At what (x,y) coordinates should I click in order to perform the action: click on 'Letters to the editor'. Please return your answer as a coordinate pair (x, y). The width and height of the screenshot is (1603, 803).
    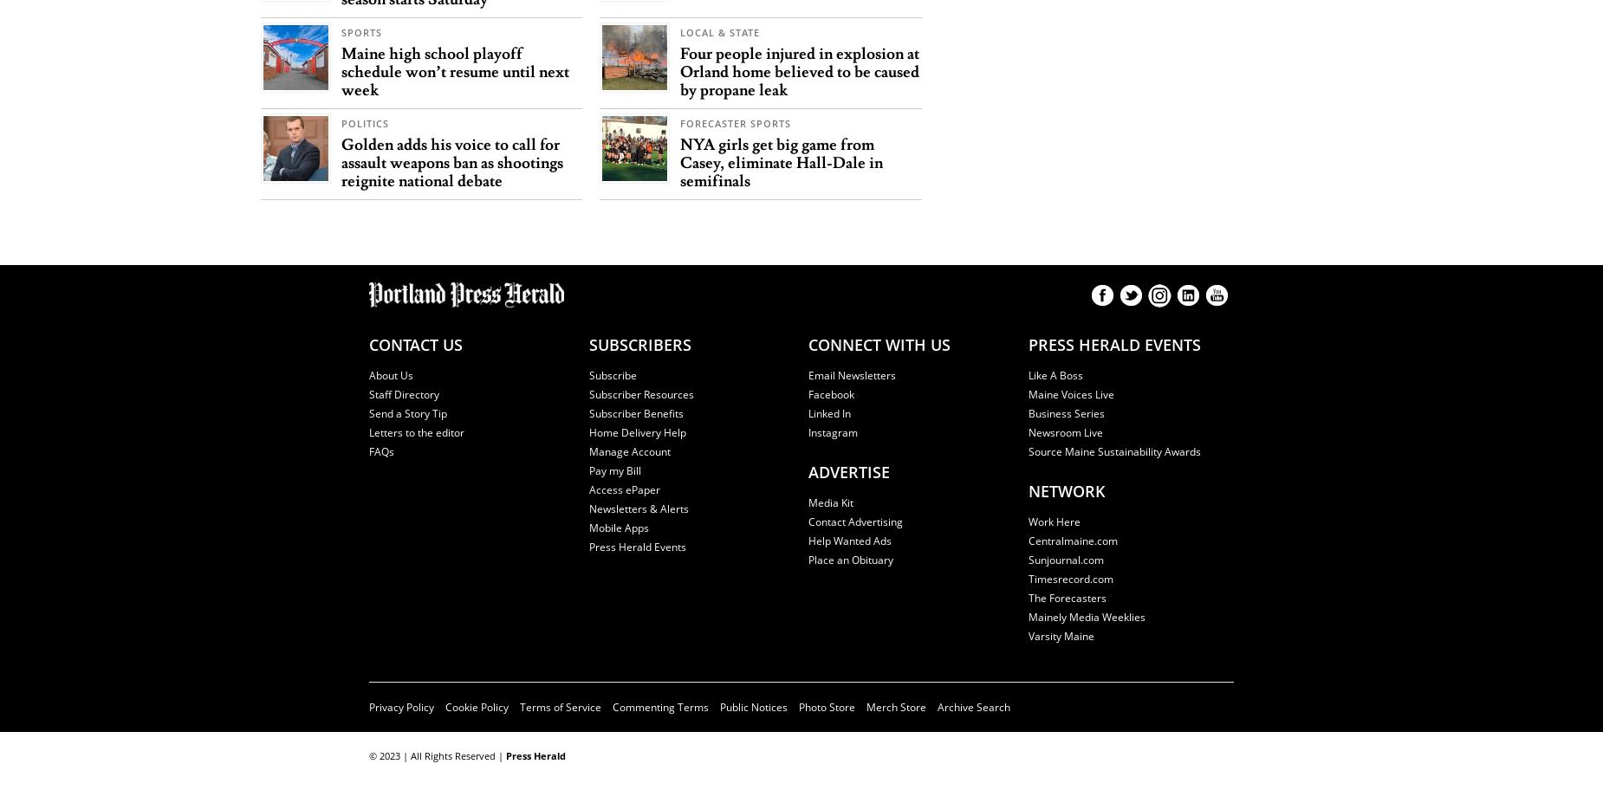
    Looking at the image, I should click on (417, 431).